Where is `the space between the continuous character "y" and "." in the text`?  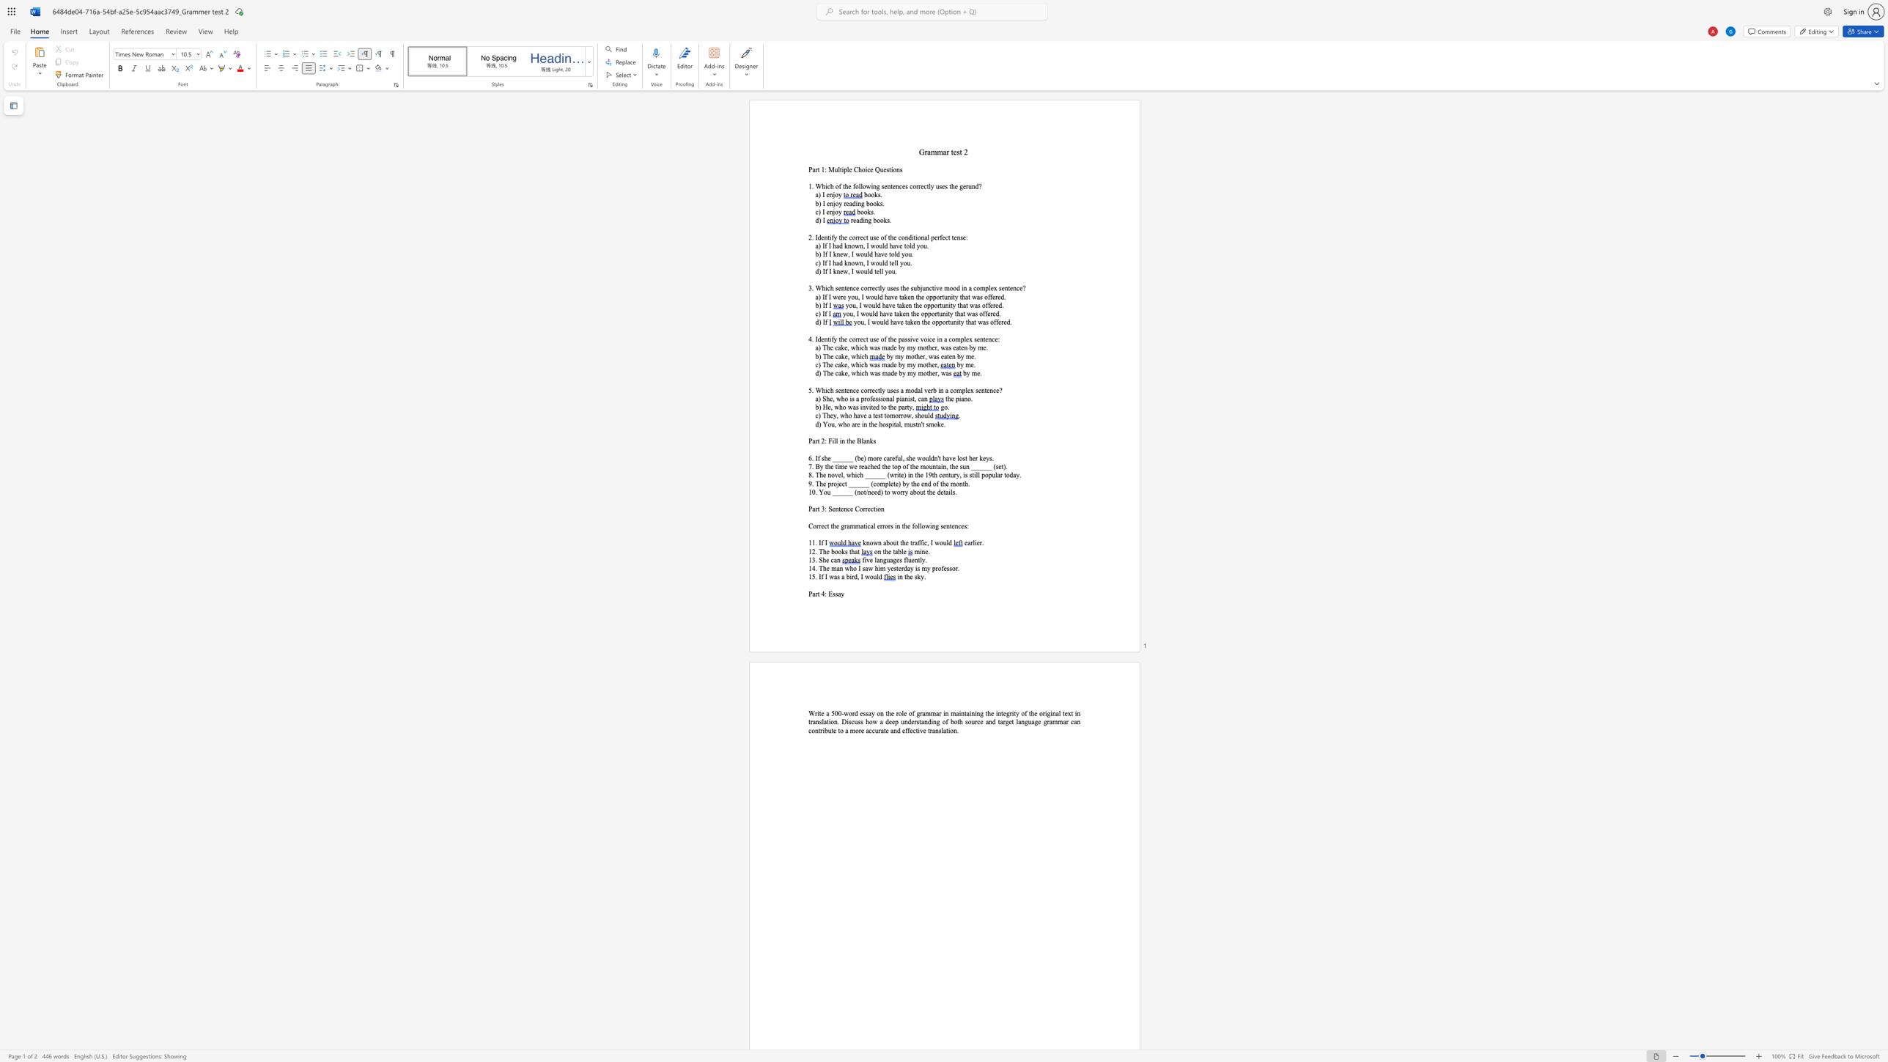 the space between the continuous character "y" and "." in the text is located at coordinates (922, 576).